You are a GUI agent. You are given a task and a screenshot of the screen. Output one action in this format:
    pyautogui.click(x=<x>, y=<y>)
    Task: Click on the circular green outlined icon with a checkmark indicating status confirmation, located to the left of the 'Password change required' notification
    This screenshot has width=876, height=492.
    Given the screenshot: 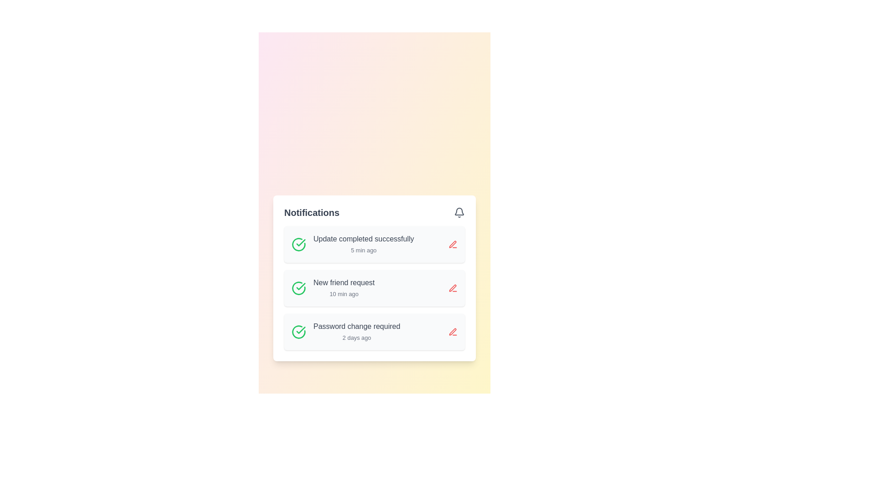 What is the action you would take?
    pyautogui.click(x=298, y=332)
    